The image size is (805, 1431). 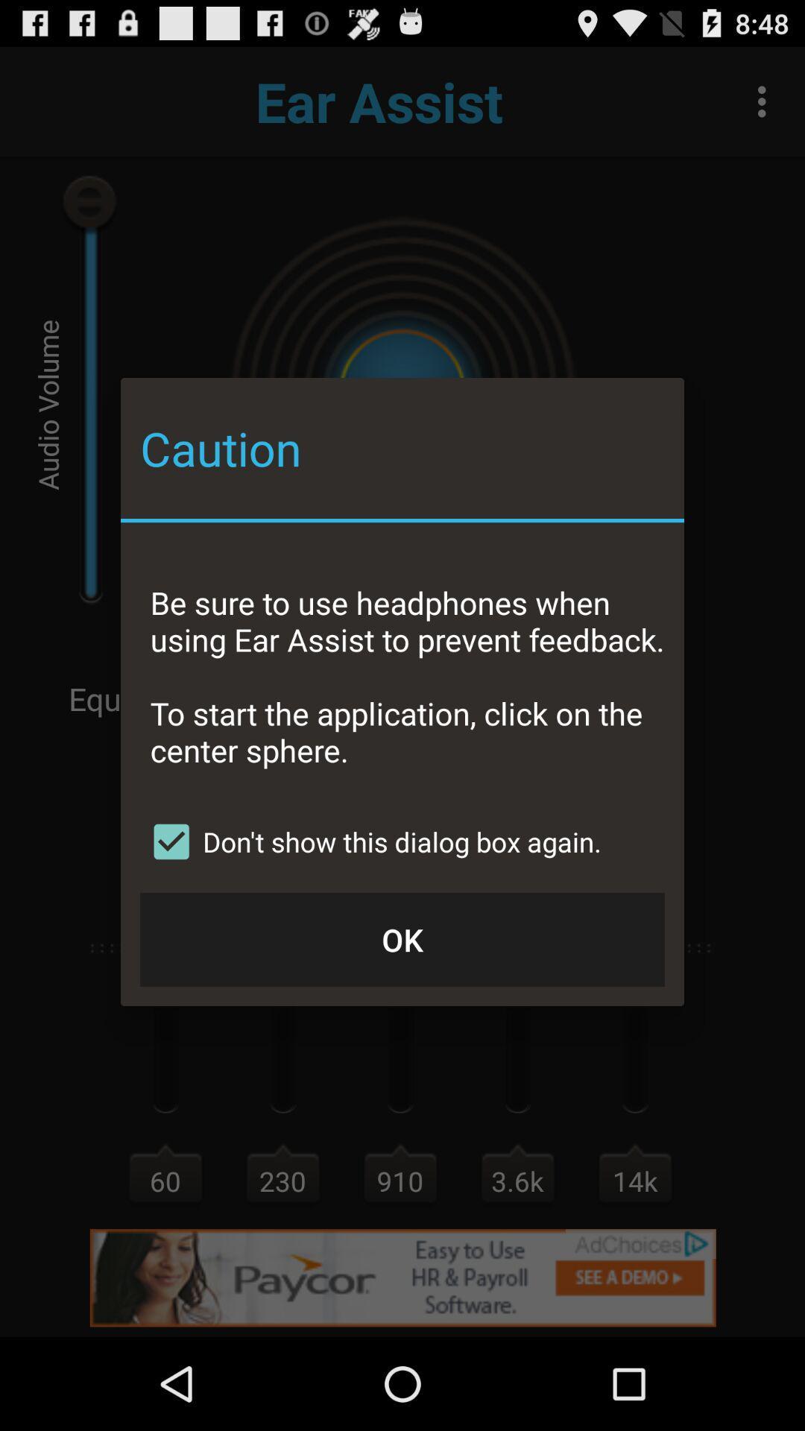 I want to click on the item above ok icon, so click(x=370, y=841).